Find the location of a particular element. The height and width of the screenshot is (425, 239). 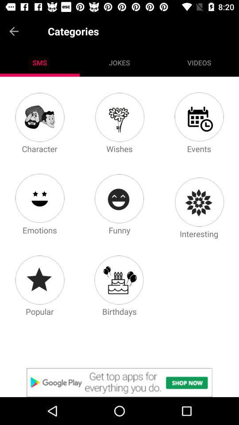

birthday is located at coordinates (119, 279).